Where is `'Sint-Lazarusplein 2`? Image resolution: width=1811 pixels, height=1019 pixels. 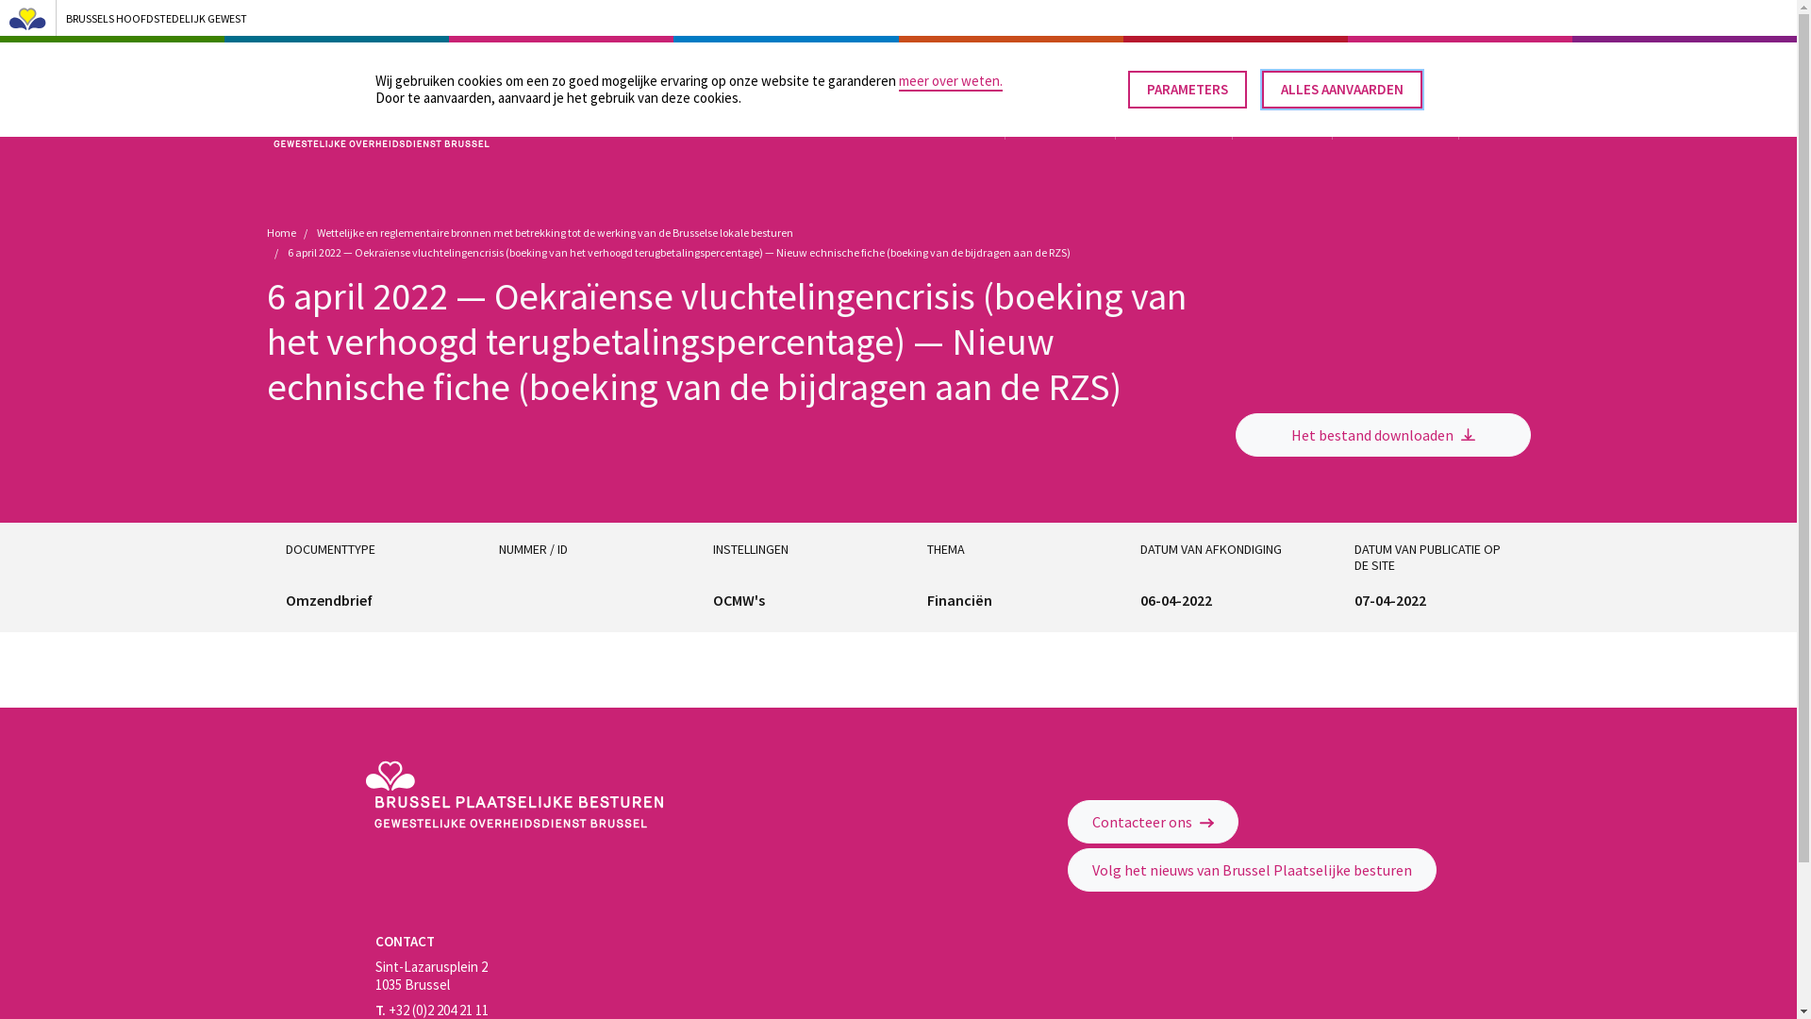 'Sint-Lazarusplein 2 is located at coordinates (430, 976).